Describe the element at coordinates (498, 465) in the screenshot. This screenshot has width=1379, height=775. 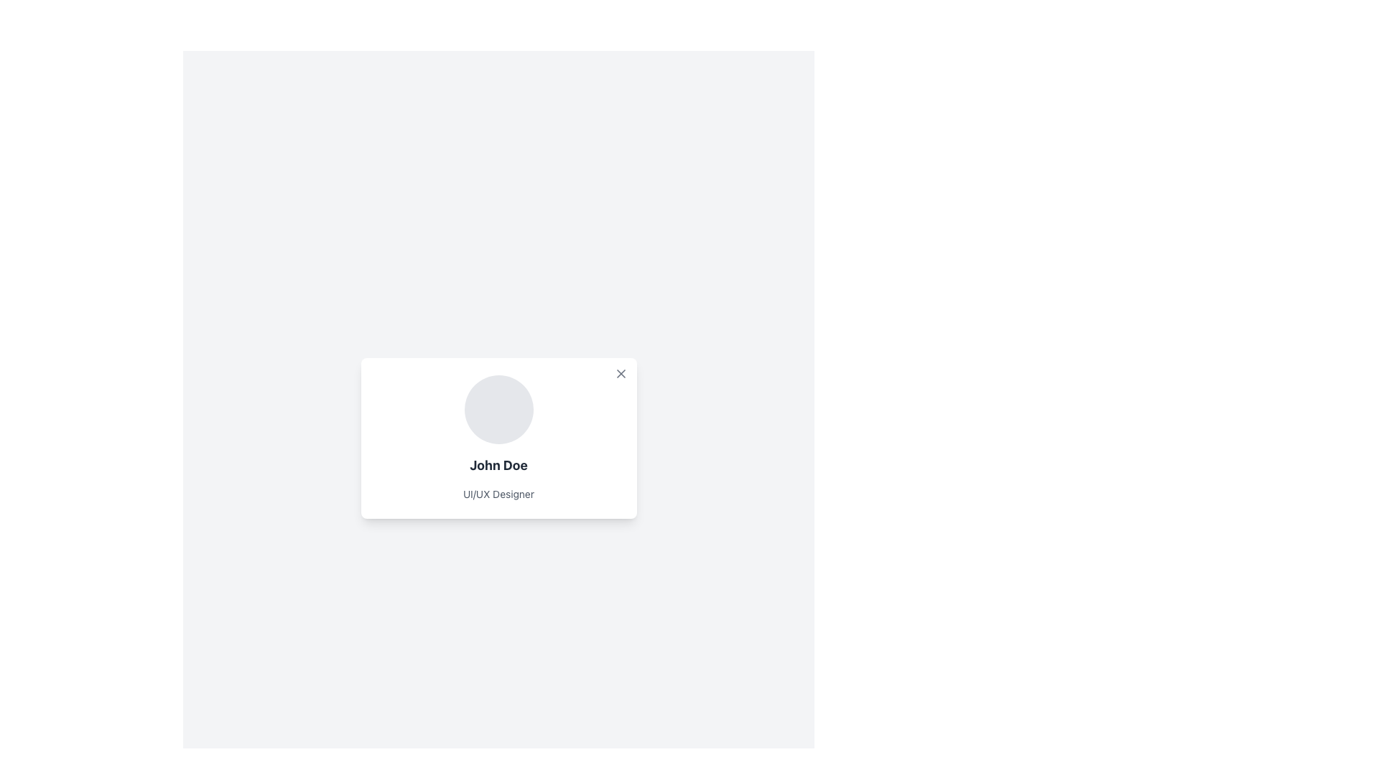
I see `displayed text 'John Doe' which is prominently positioned as a title beneath a circular avatar and above the text 'UI/UX Designer.'` at that location.